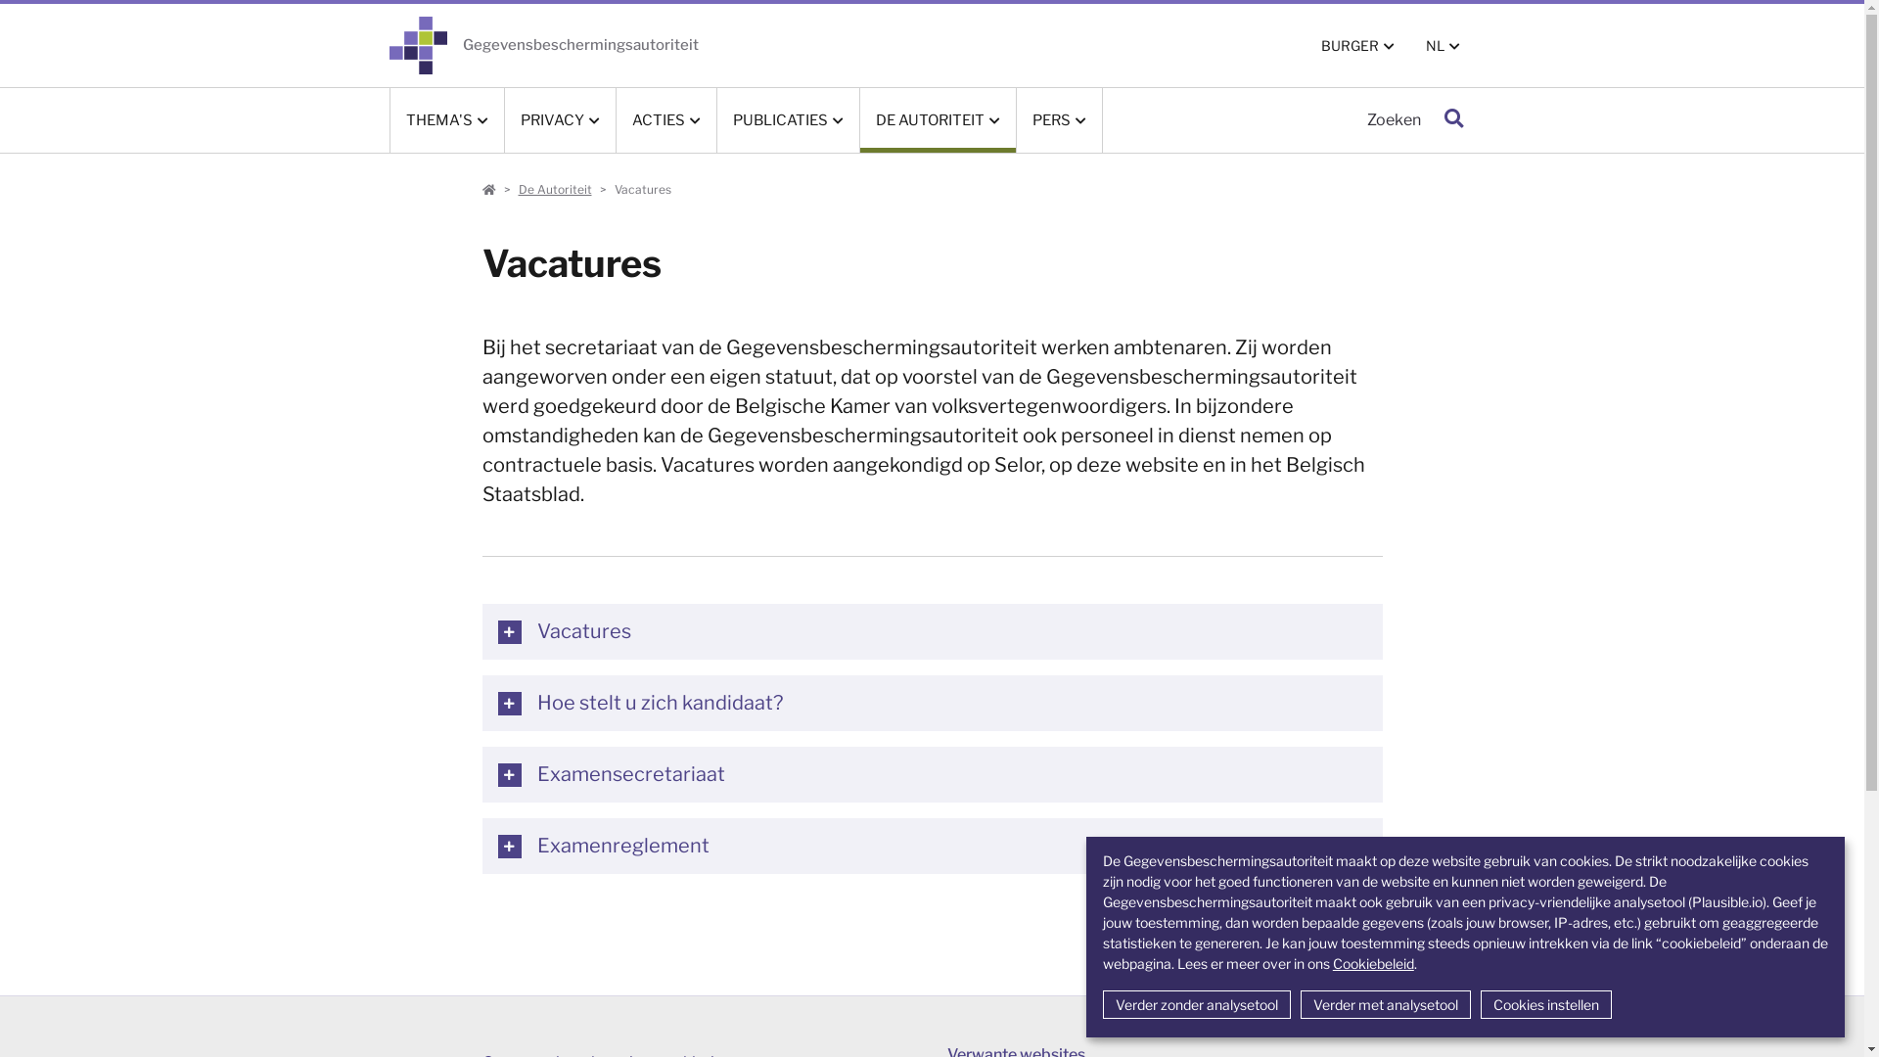 This screenshot has height=1057, width=1879. What do you see at coordinates (930, 702) in the screenshot?
I see `'Hoe stelt u zich kandidaat?'` at bounding box center [930, 702].